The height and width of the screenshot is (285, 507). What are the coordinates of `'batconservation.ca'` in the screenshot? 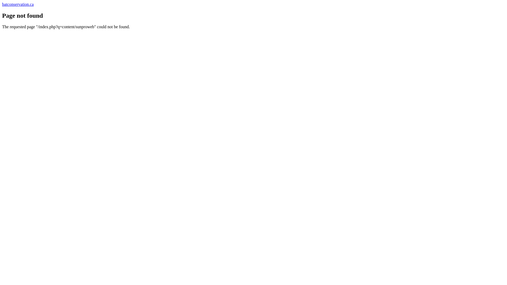 It's located at (18, 4).